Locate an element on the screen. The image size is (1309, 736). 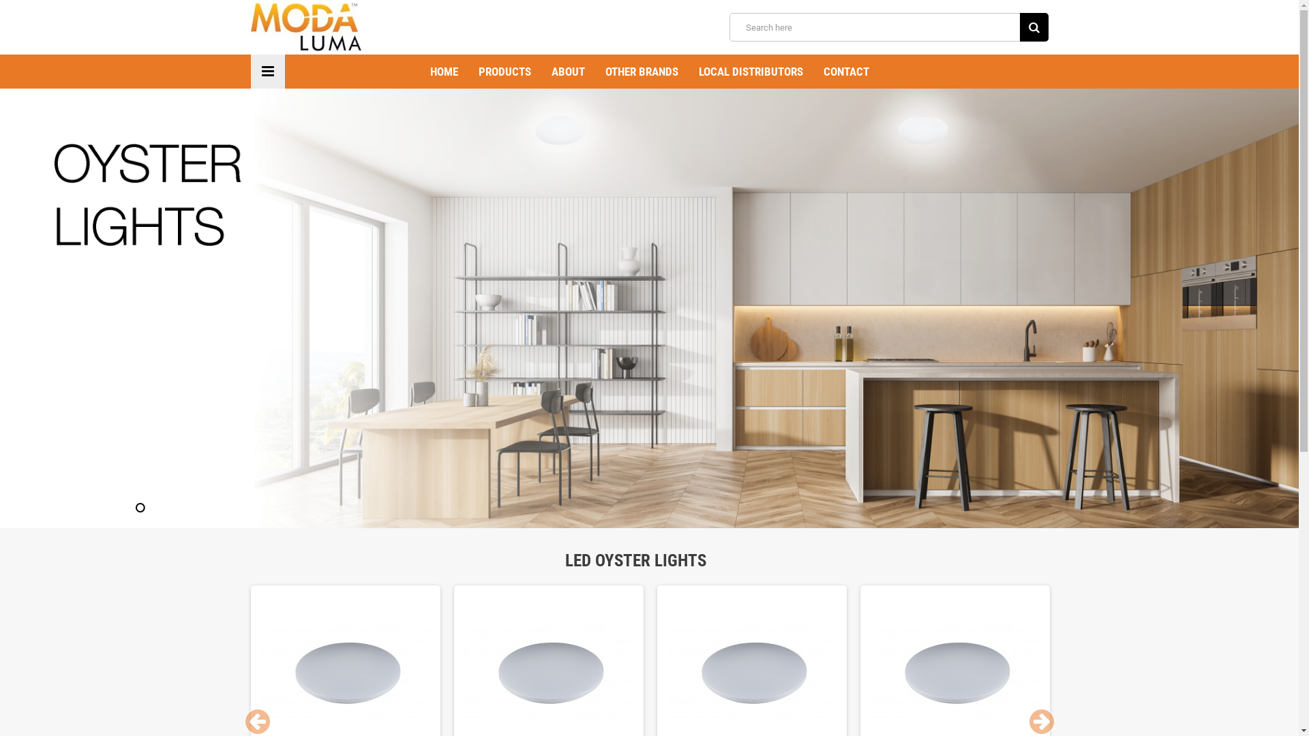
'OTHER BRANDS' is located at coordinates (595, 71).